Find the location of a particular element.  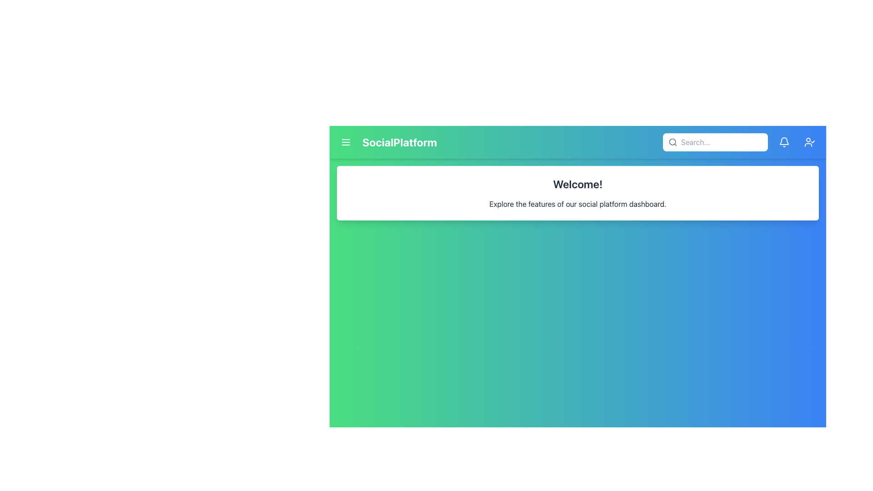

the small three-line hamburger menu icon located at the top-left corner of the interface, which is part of the header section and is styled with rounded corners is located at coordinates (346, 142).